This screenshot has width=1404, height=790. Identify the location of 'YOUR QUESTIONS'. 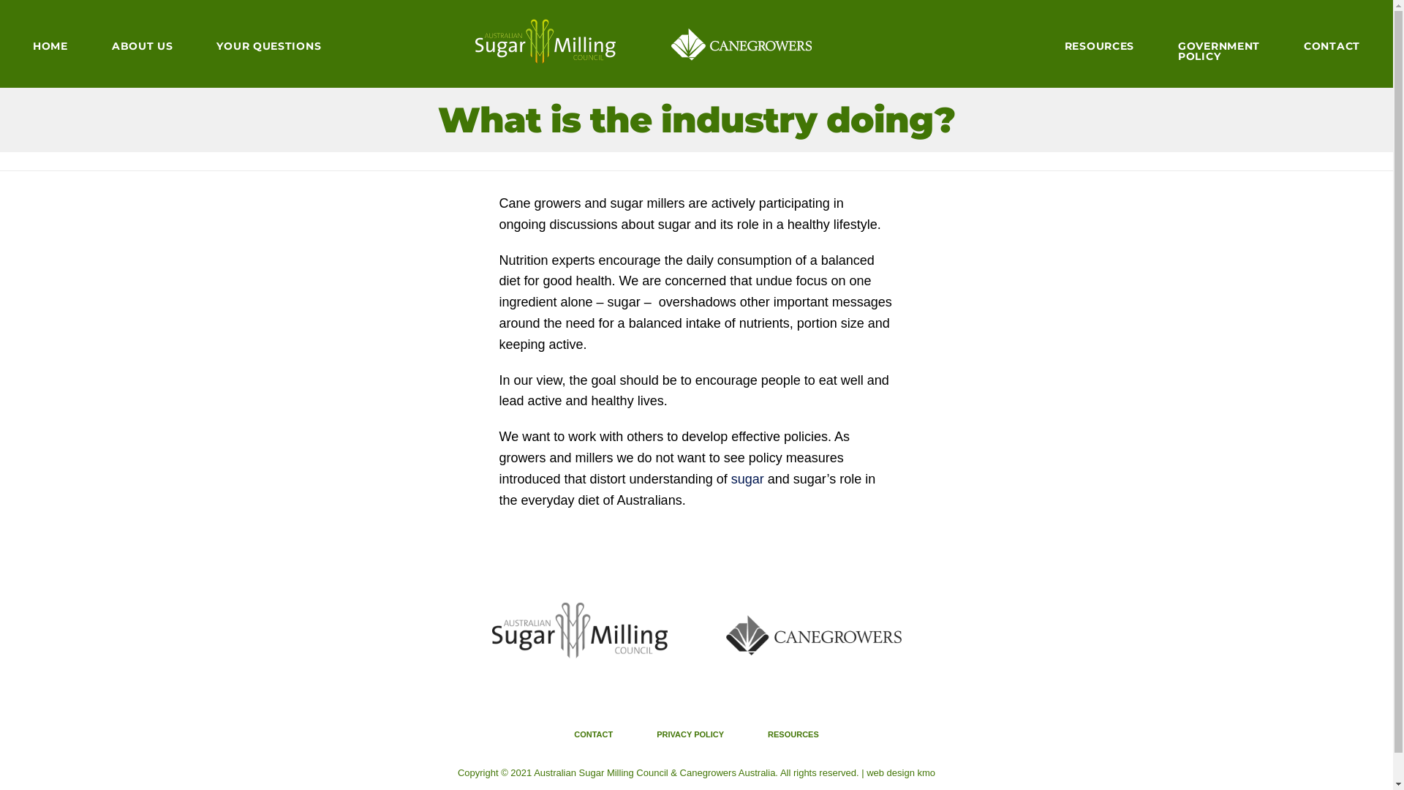
(268, 43).